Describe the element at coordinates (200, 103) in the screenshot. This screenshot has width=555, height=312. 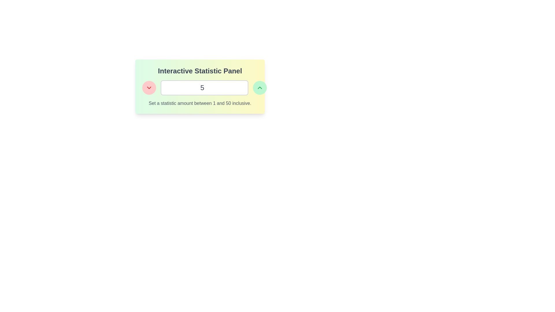
I see `the text label displaying 'Set a statistic amount between 1 and 50 inclusive.' which is styled with gray text and positioned below the numerical input box and arrow buttons` at that location.